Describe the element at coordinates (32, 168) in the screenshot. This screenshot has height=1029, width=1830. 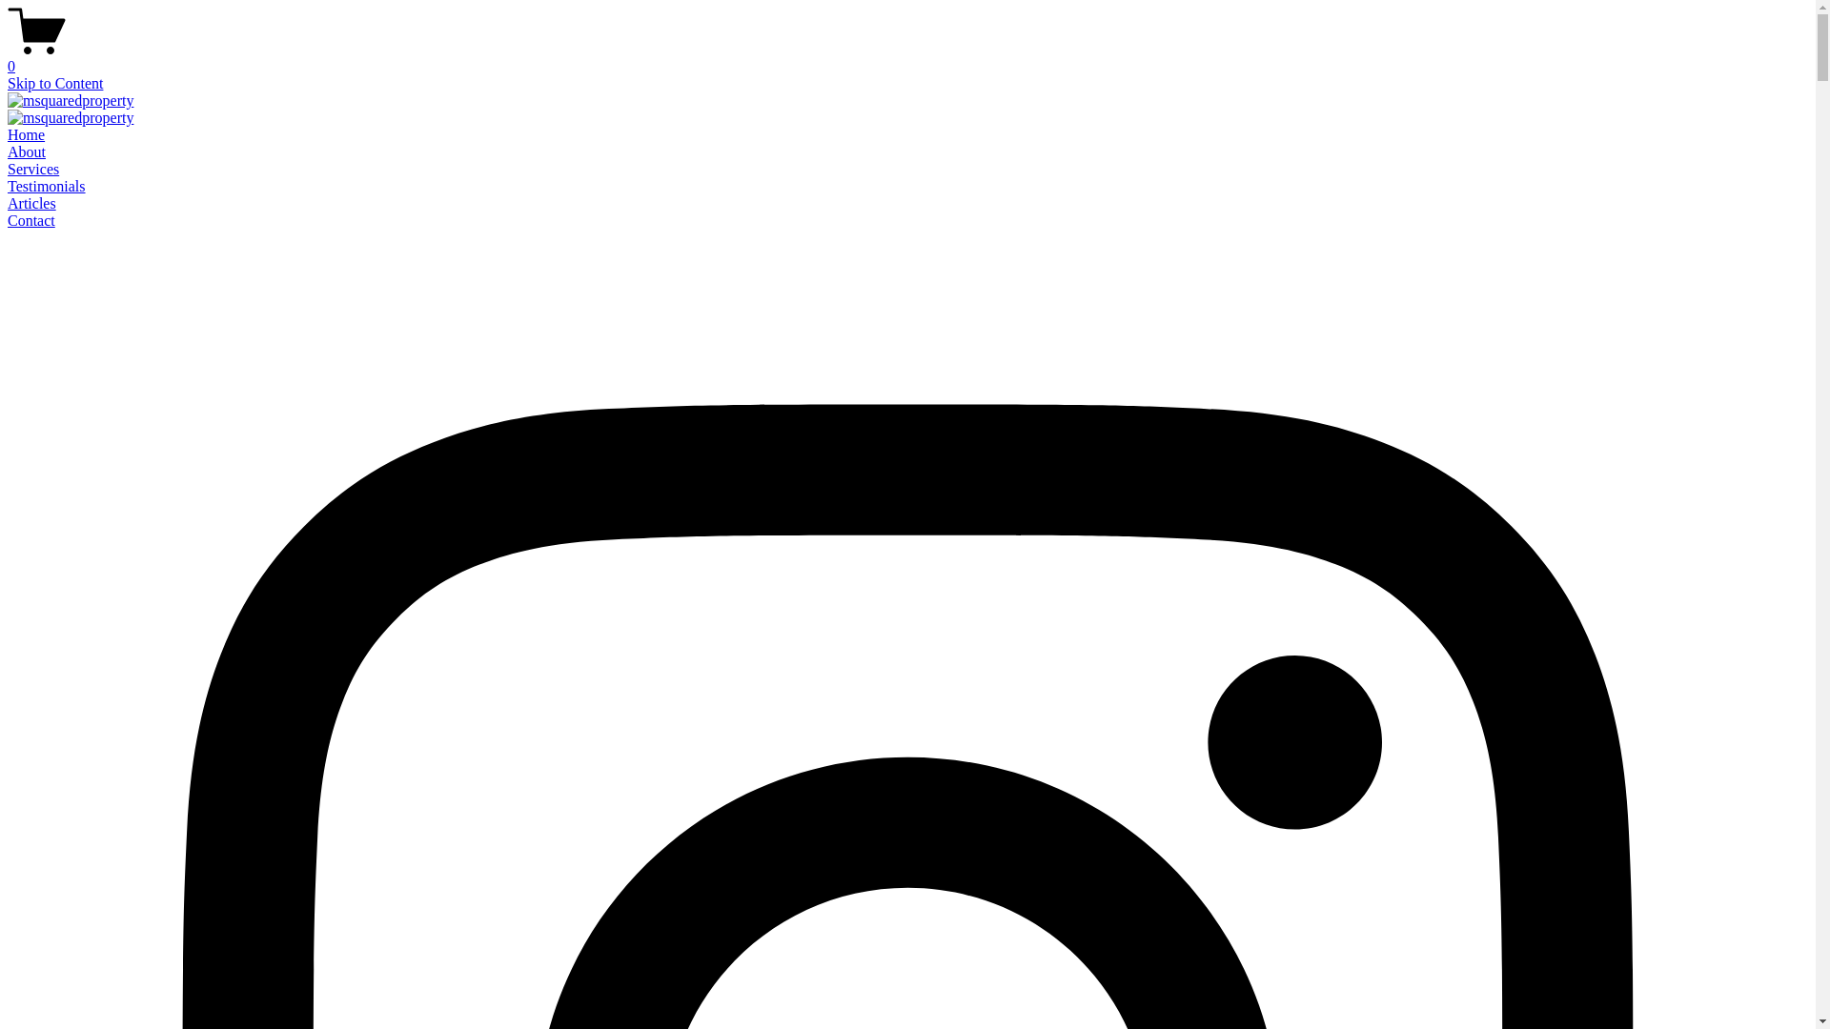
I see `'Services'` at that location.